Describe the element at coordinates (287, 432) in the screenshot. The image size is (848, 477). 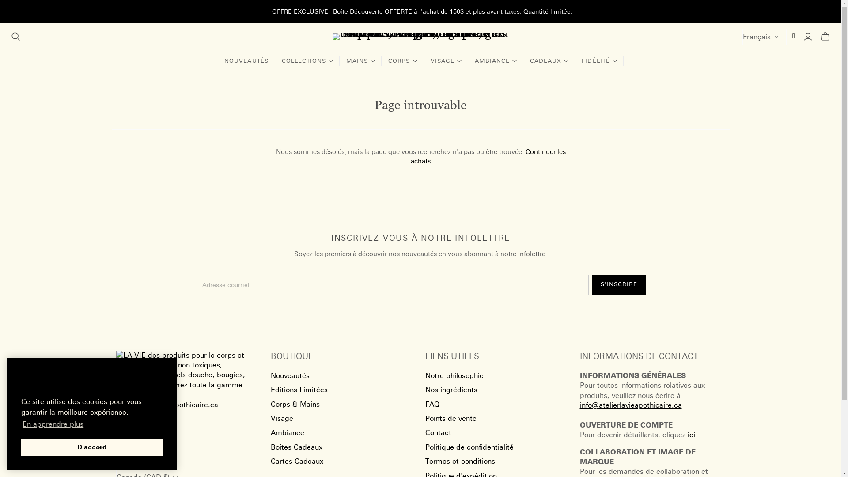
I see `'Ambiance'` at that location.